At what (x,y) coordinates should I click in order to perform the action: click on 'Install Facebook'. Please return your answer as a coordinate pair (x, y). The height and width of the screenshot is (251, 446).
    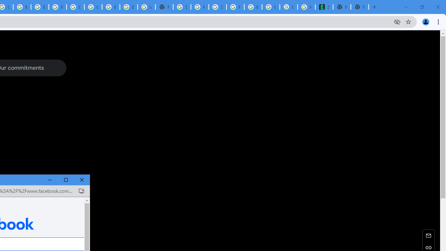
    Looking at the image, I should click on (81, 191).